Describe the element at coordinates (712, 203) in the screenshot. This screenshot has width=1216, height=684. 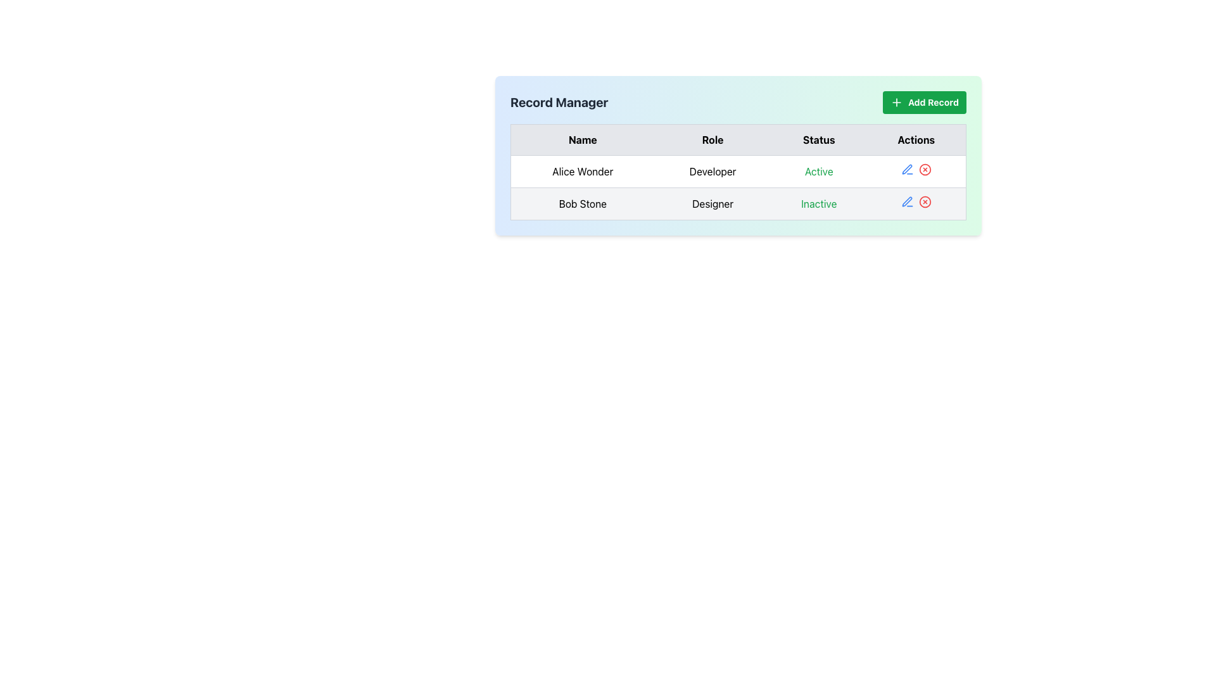
I see `the text element displaying 'Designer' in the second row of the table under the 'Role' column for Bob Stone` at that location.